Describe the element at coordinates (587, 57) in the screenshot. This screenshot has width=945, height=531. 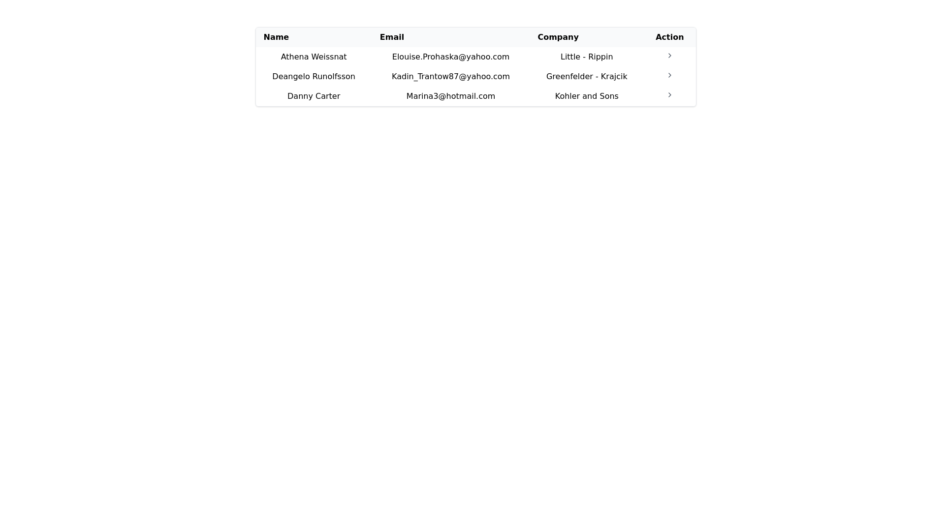
I see `the label displaying 'Little - Rippin' in the 'Company' column of the table, located in the first row under the header` at that location.